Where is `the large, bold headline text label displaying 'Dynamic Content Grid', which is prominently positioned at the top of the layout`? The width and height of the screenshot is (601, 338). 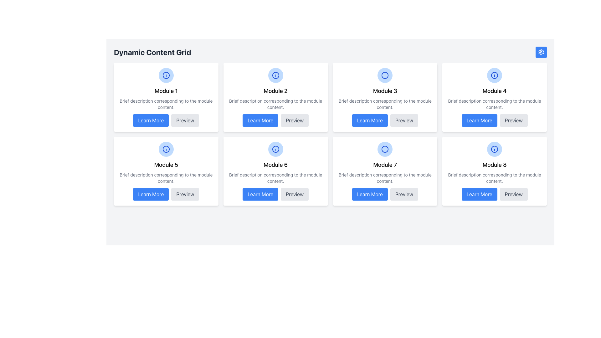 the large, bold headline text label displaying 'Dynamic Content Grid', which is prominently positioned at the top of the layout is located at coordinates (152, 52).